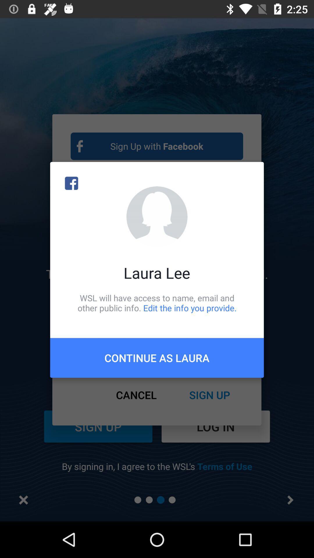  I want to click on wsl will have item, so click(157, 303).